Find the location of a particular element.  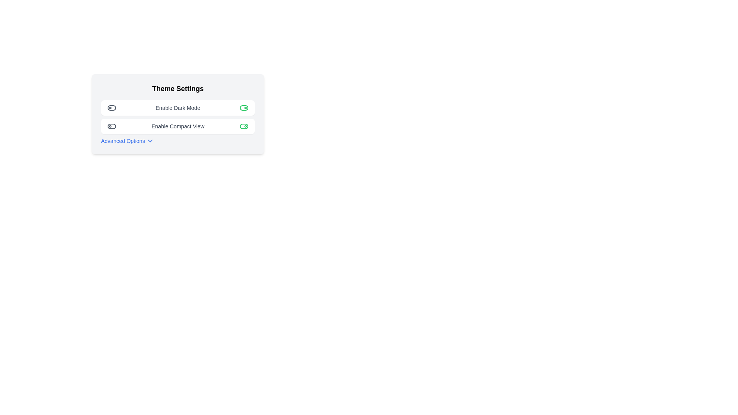

the downward-pointing chevron icon, which is styled in blue and located to the right of the 'Advanced Options' text is located at coordinates (150, 141).